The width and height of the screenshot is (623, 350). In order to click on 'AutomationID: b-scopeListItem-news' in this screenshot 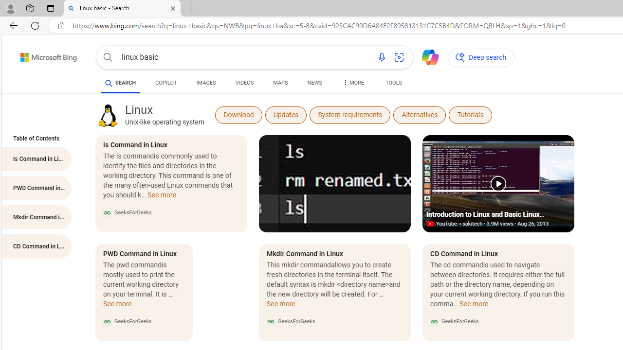, I will do `click(314, 84)`.